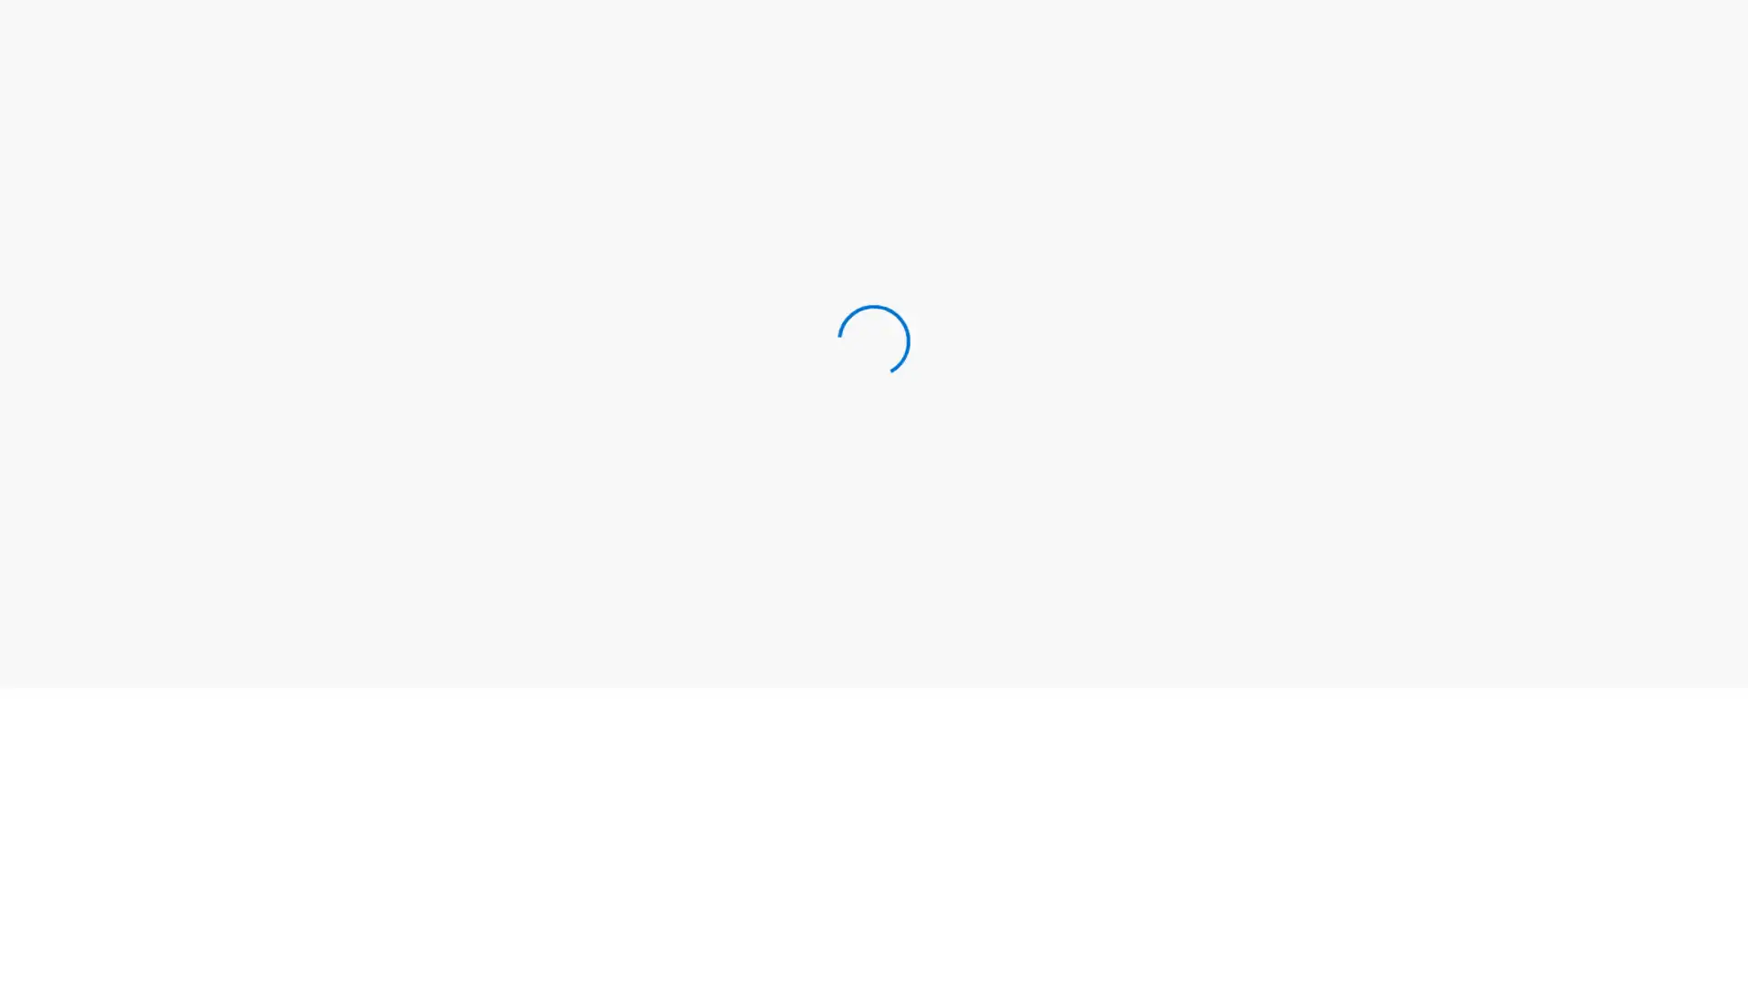 The width and height of the screenshot is (1748, 983). What do you see at coordinates (664, 339) in the screenshot?
I see `Sign In` at bounding box center [664, 339].